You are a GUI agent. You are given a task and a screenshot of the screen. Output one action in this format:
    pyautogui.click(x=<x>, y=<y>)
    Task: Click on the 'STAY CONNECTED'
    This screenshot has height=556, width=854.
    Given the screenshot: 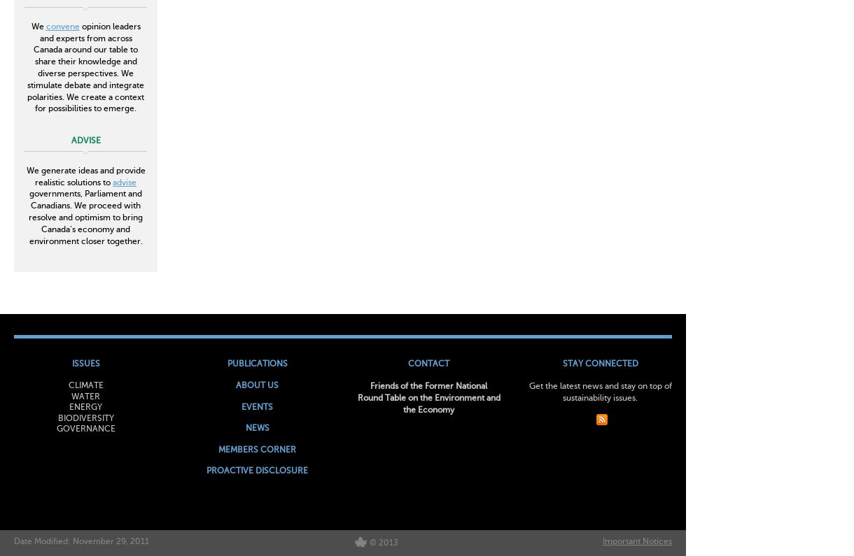 What is the action you would take?
    pyautogui.click(x=600, y=363)
    